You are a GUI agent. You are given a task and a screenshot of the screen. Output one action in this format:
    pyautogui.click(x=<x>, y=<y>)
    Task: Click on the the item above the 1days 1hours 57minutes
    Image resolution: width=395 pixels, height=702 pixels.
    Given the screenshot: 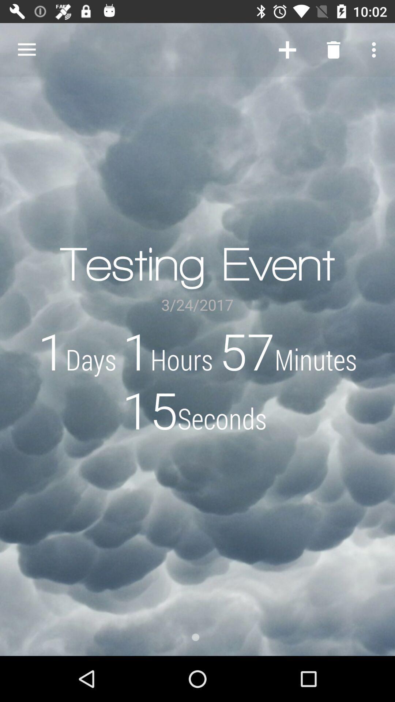 What is the action you would take?
    pyautogui.click(x=26, y=49)
    